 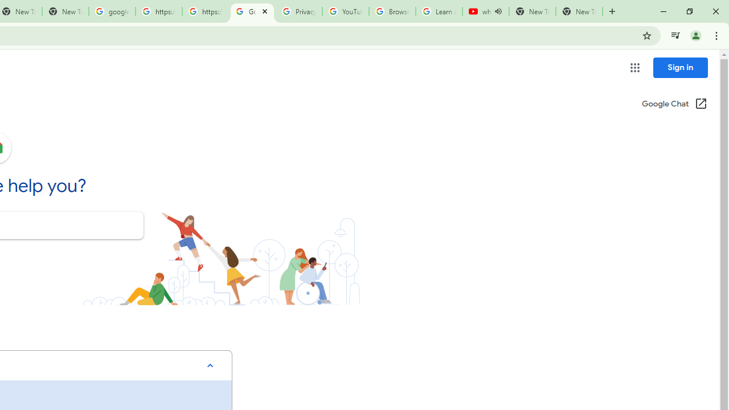 What do you see at coordinates (579, 11) in the screenshot?
I see `'New Tab'` at bounding box center [579, 11].